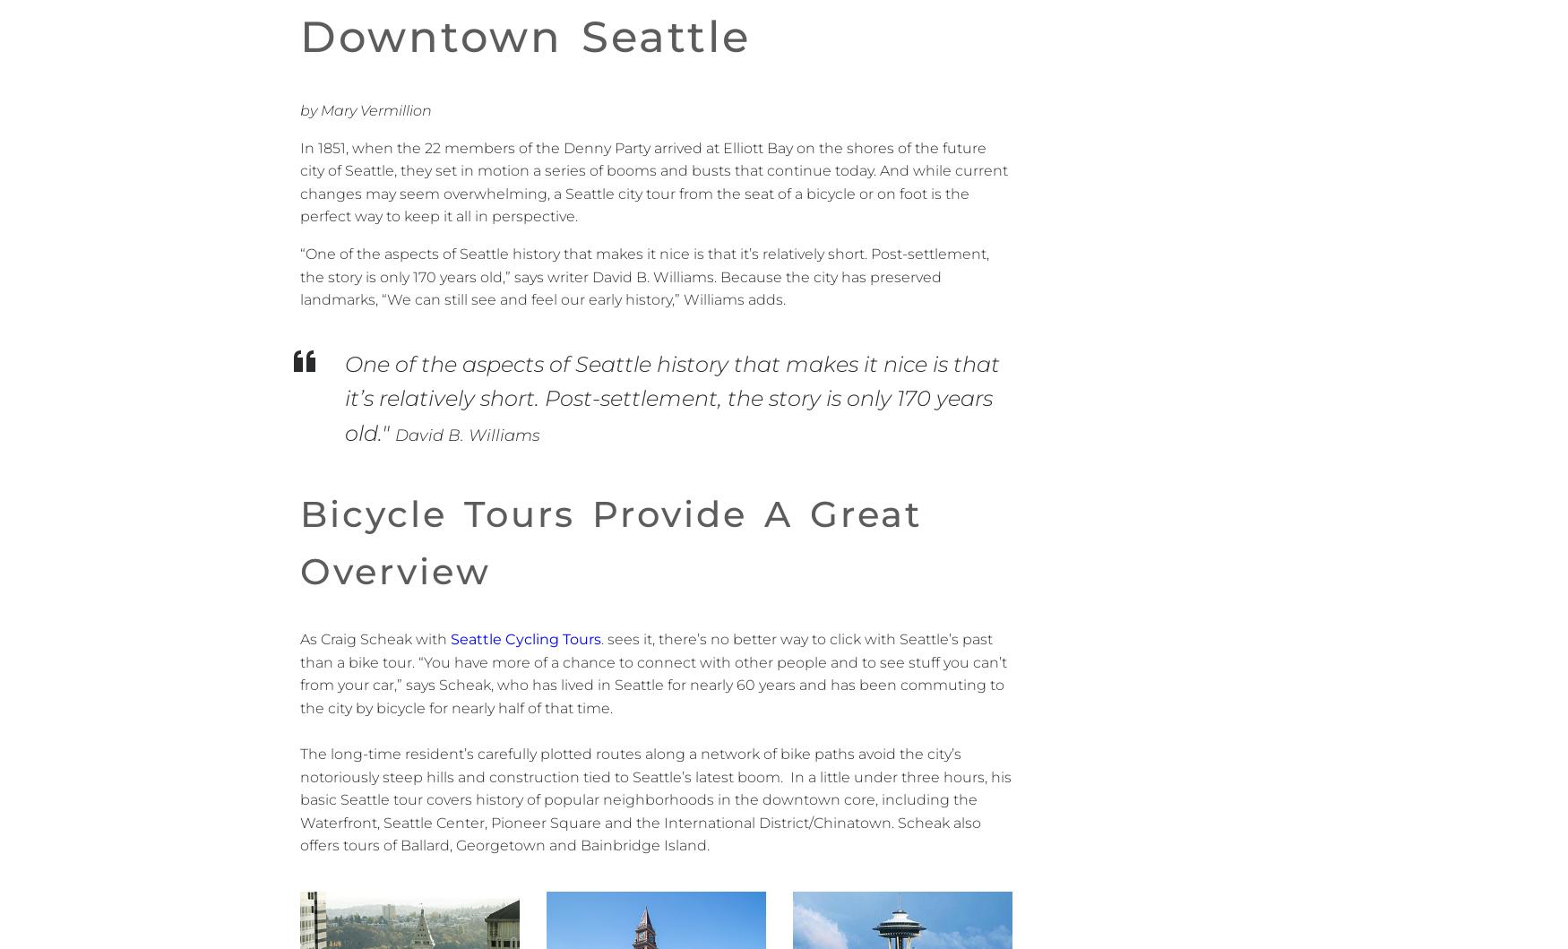 This screenshot has height=949, width=1568. I want to click on '“One of the aspects of Seattle history that makes it nice is that it’s relatively short. Post-settlement, the story is only 170 years old,” says writer David B. Williams. Because the city has preserved landmarks, “We can still see and feel our early history,” Williams adds.', so click(644, 277).